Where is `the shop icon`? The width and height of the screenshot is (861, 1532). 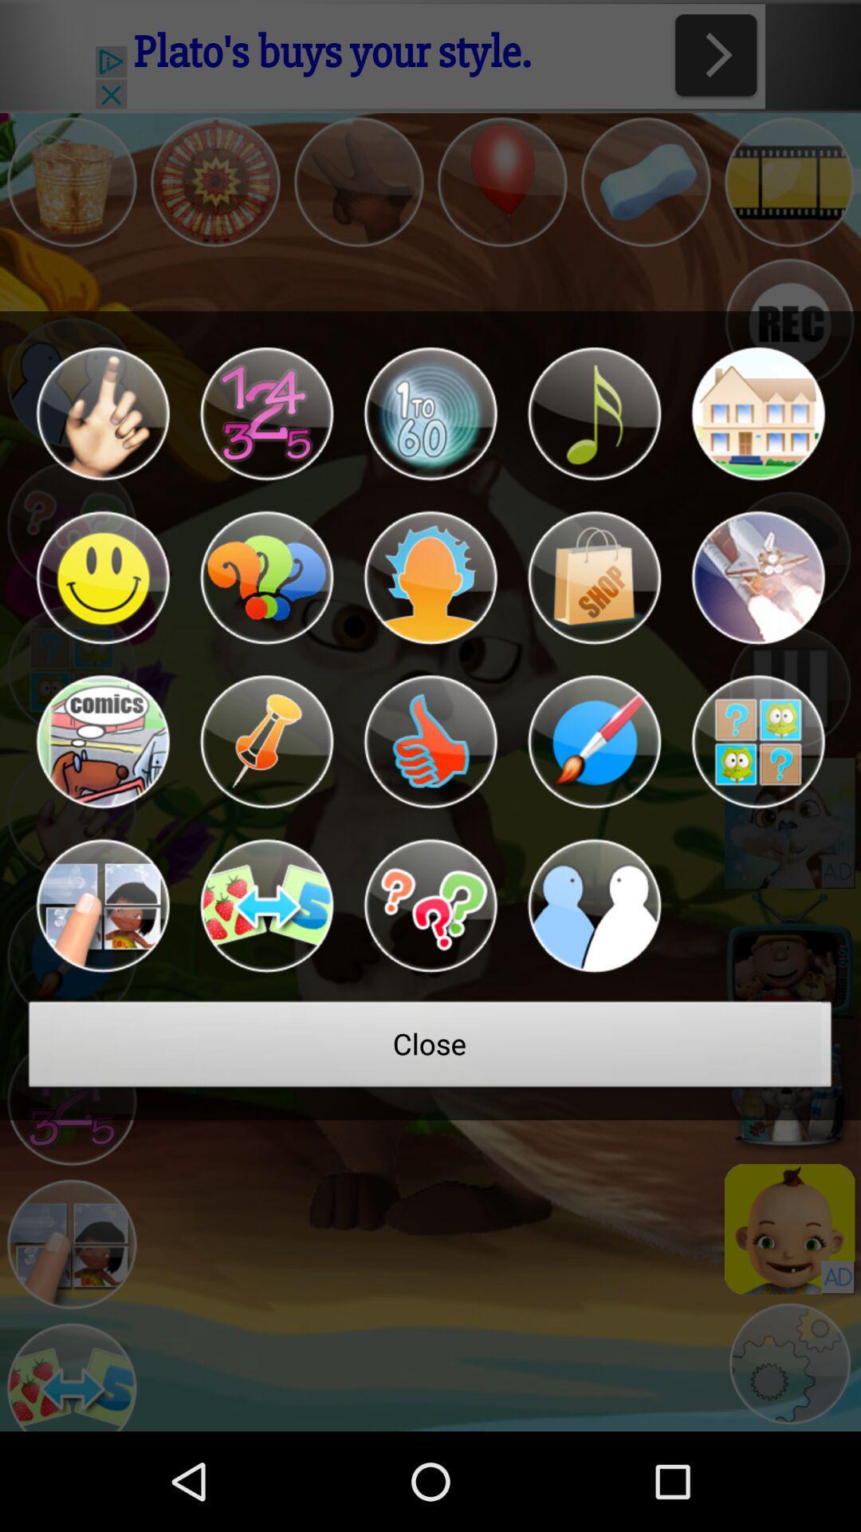 the shop icon is located at coordinates (594, 618).